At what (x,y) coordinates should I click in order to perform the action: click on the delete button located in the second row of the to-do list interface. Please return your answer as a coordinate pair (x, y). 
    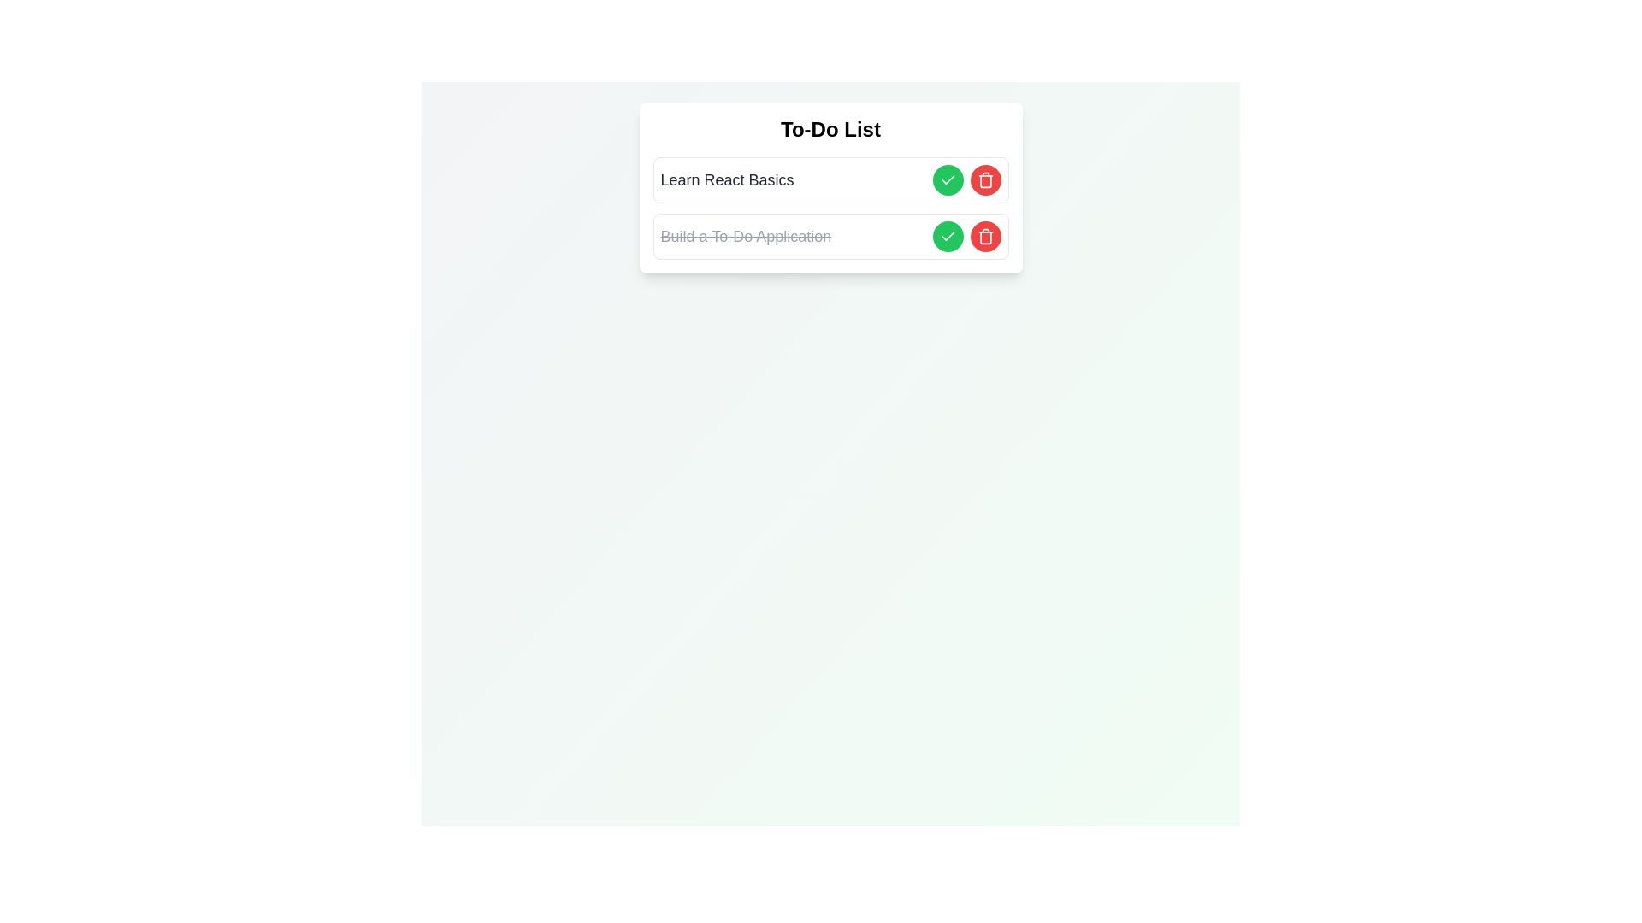
    Looking at the image, I should click on (985, 180).